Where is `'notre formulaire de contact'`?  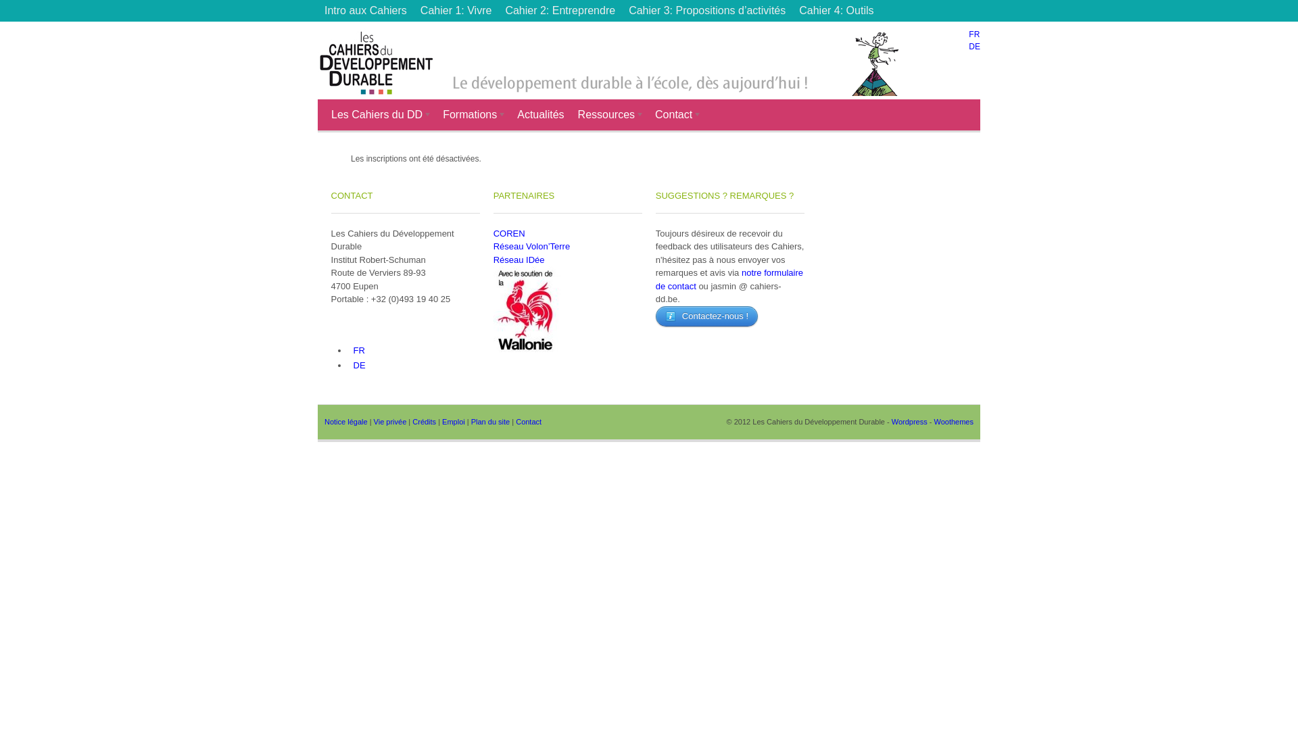
'notre formulaire de contact' is located at coordinates (729, 278).